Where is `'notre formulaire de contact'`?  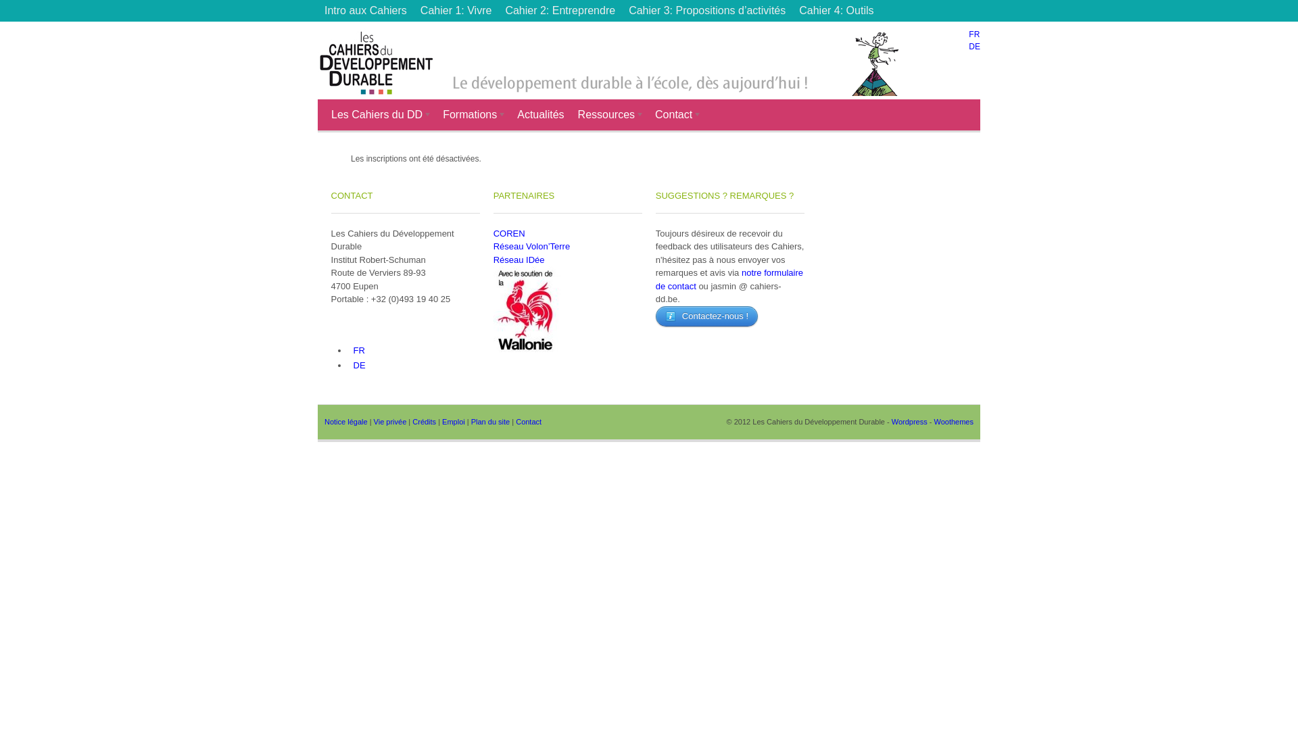
'notre formulaire de contact' is located at coordinates (729, 278).